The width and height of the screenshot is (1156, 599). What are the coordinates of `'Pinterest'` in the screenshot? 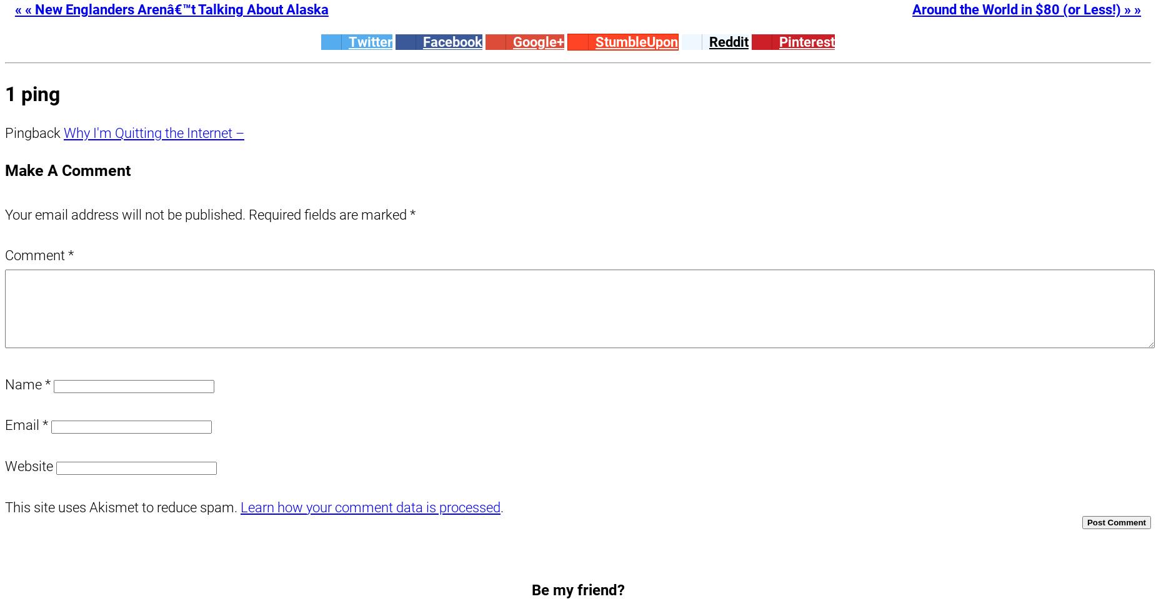 It's located at (806, 42).